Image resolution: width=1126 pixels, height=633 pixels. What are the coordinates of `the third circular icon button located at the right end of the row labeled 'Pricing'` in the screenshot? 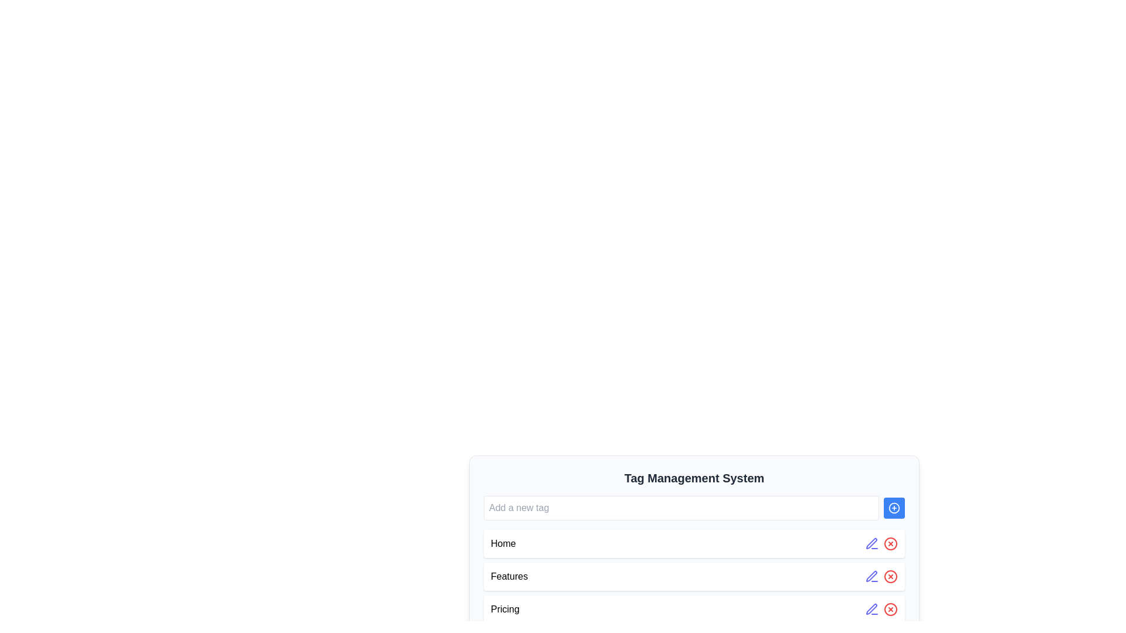 It's located at (890, 576).